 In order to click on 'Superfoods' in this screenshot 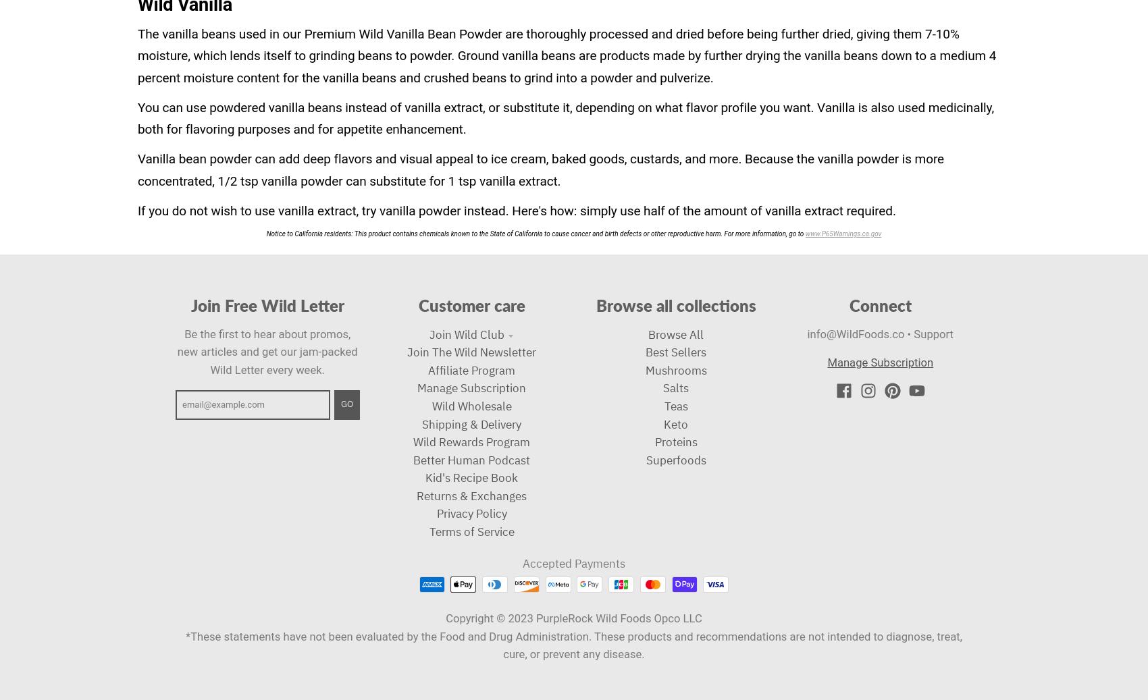, I will do `click(675, 459)`.